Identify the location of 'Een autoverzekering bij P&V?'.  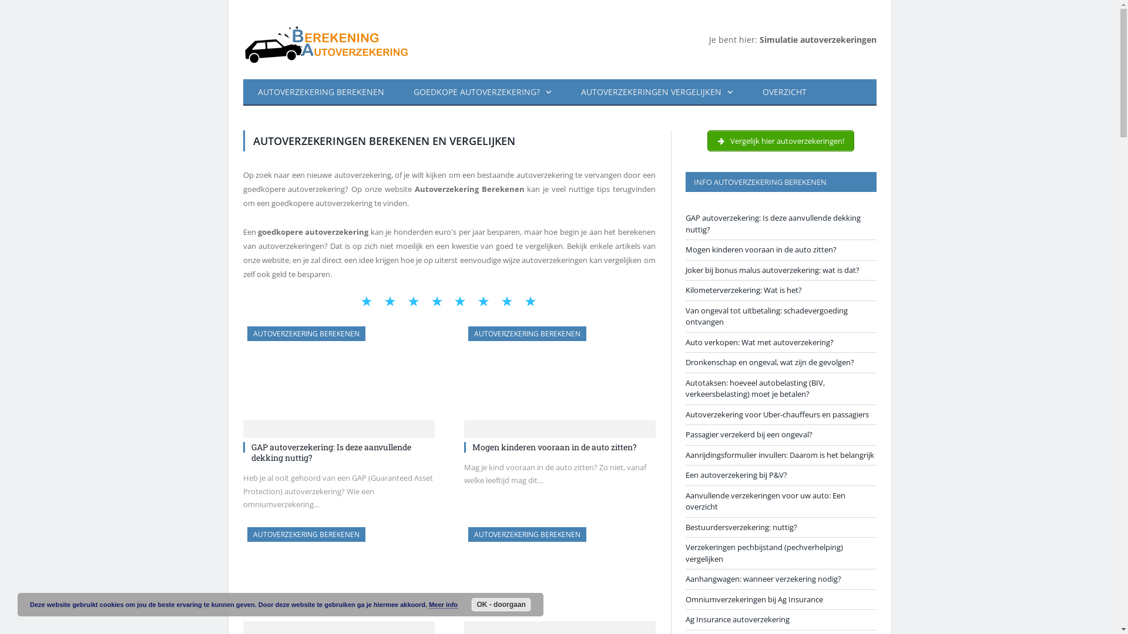
(735, 474).